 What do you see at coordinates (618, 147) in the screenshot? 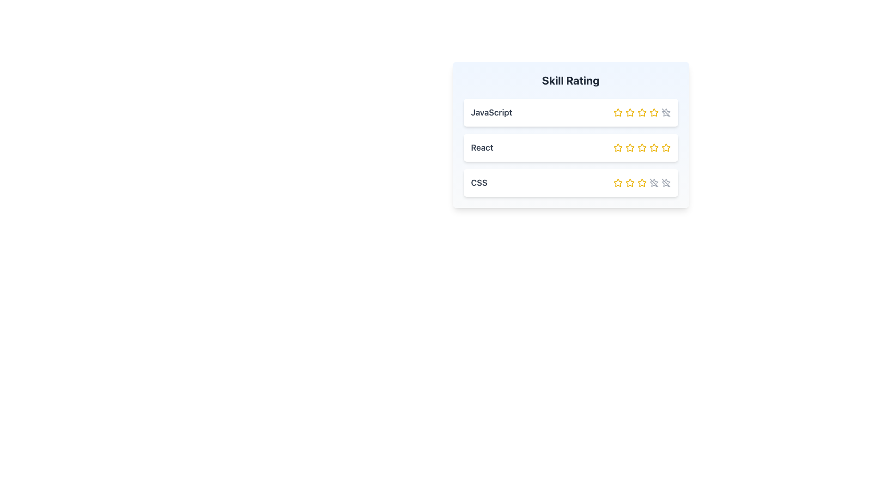
I see `the second yellow star in the middle row of the Skill Rating section` at bounding box center [618, 147].